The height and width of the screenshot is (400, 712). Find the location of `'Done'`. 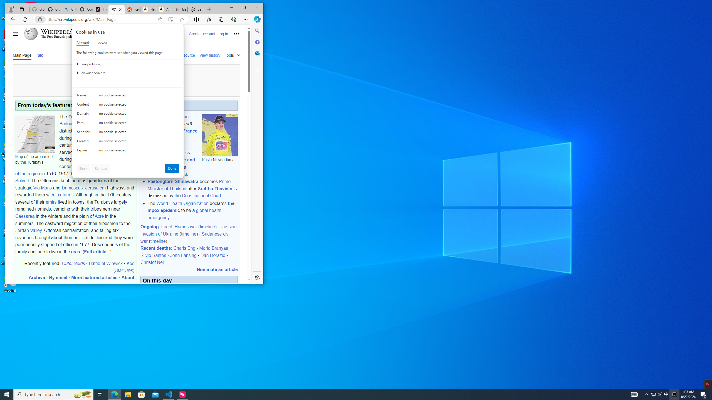

'Done' is located at coordinates (172, 168).